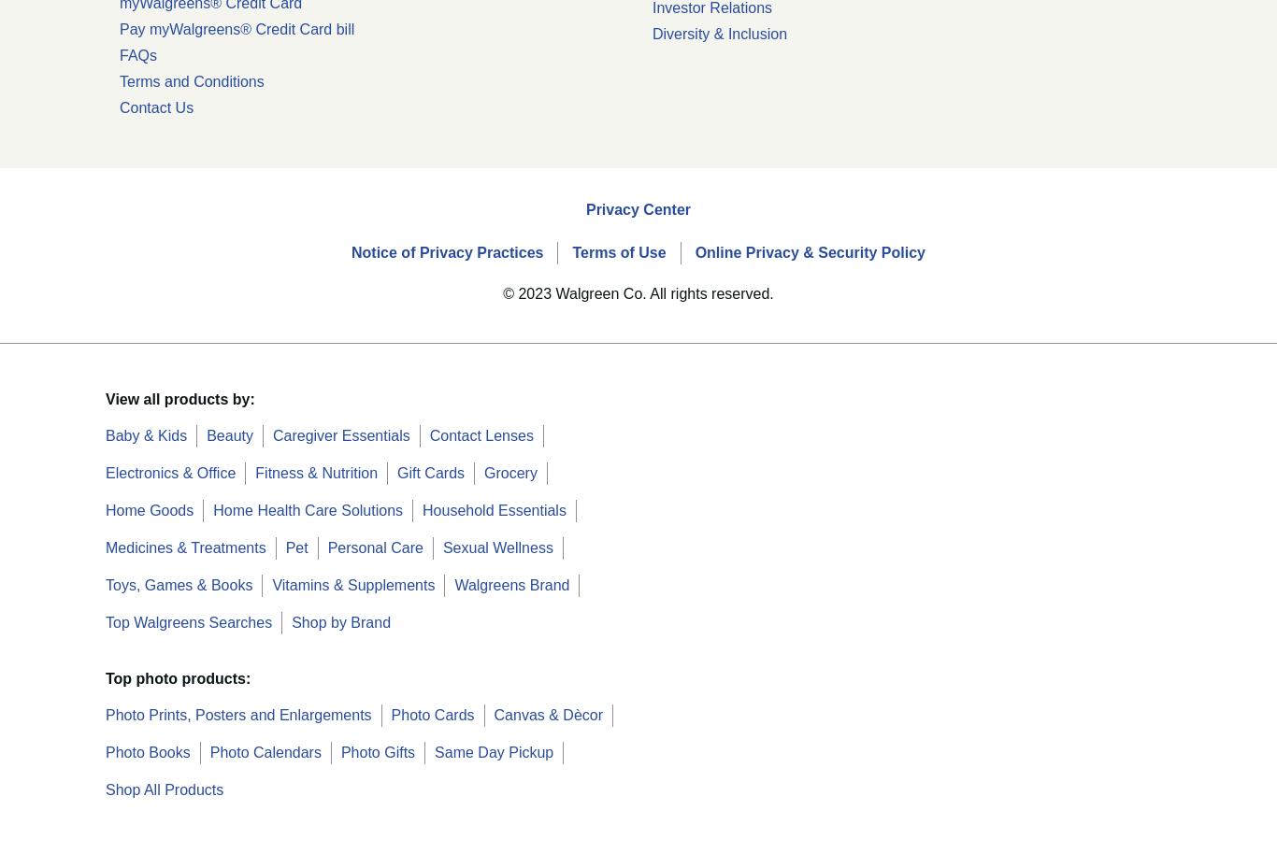 The height and width of the screenshot is (853, 1277). Describe the element at coordinates (255, 472) in the screenshot. I see `'Fitness & Nutrition'` at that location.